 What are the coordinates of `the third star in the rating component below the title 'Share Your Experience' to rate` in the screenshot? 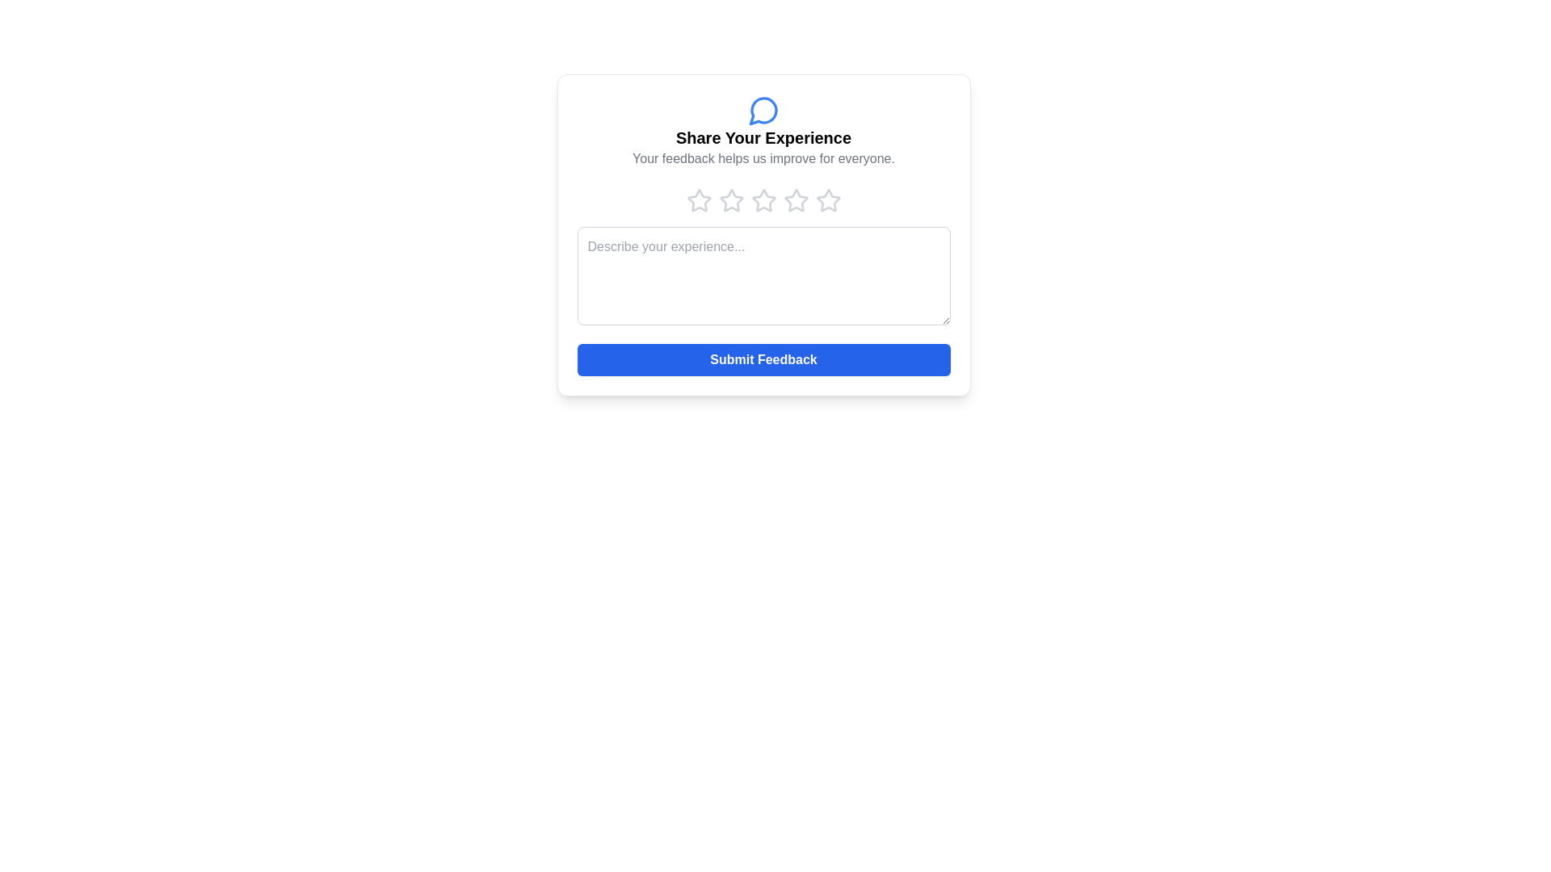 It's located at (763, 199).